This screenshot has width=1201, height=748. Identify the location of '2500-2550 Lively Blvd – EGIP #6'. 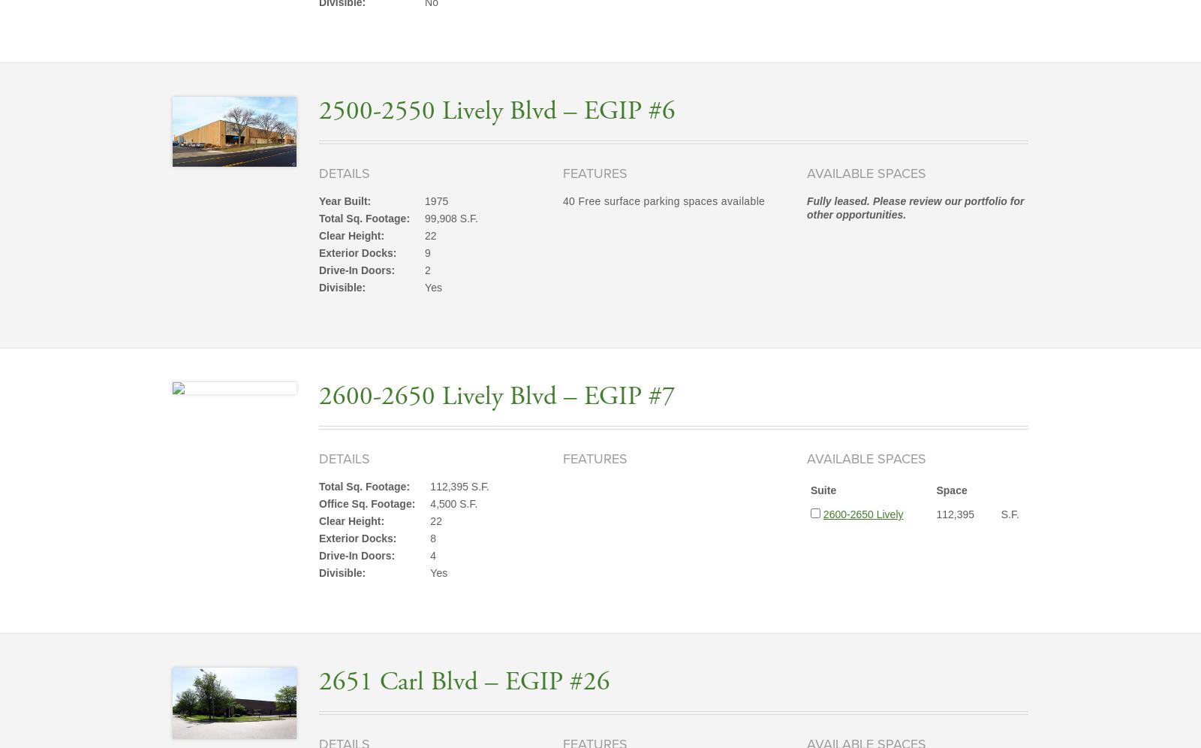
(497, 110).